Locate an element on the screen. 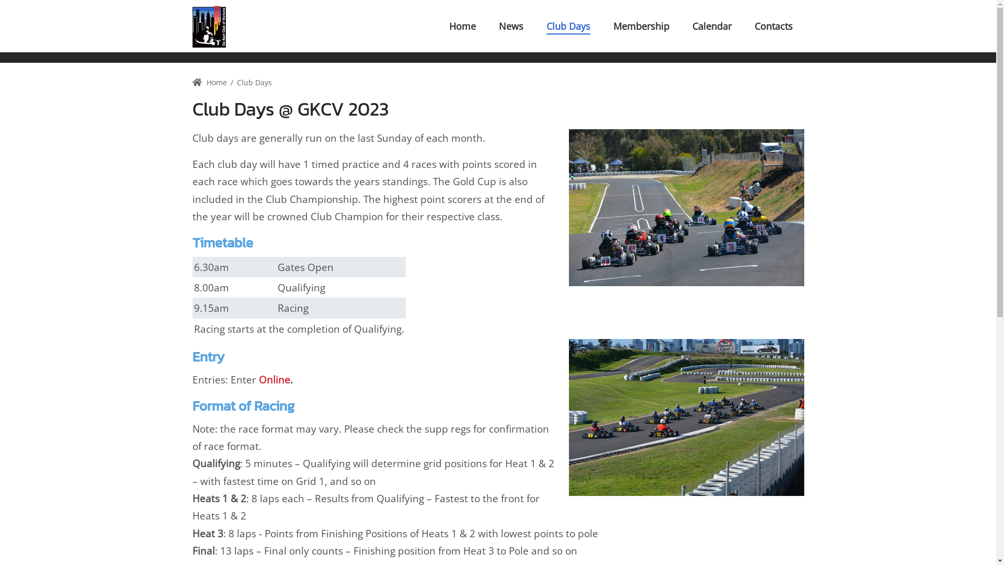 The image size is (1004, 565). 'Calendar' is located at coordinates (711, 26).